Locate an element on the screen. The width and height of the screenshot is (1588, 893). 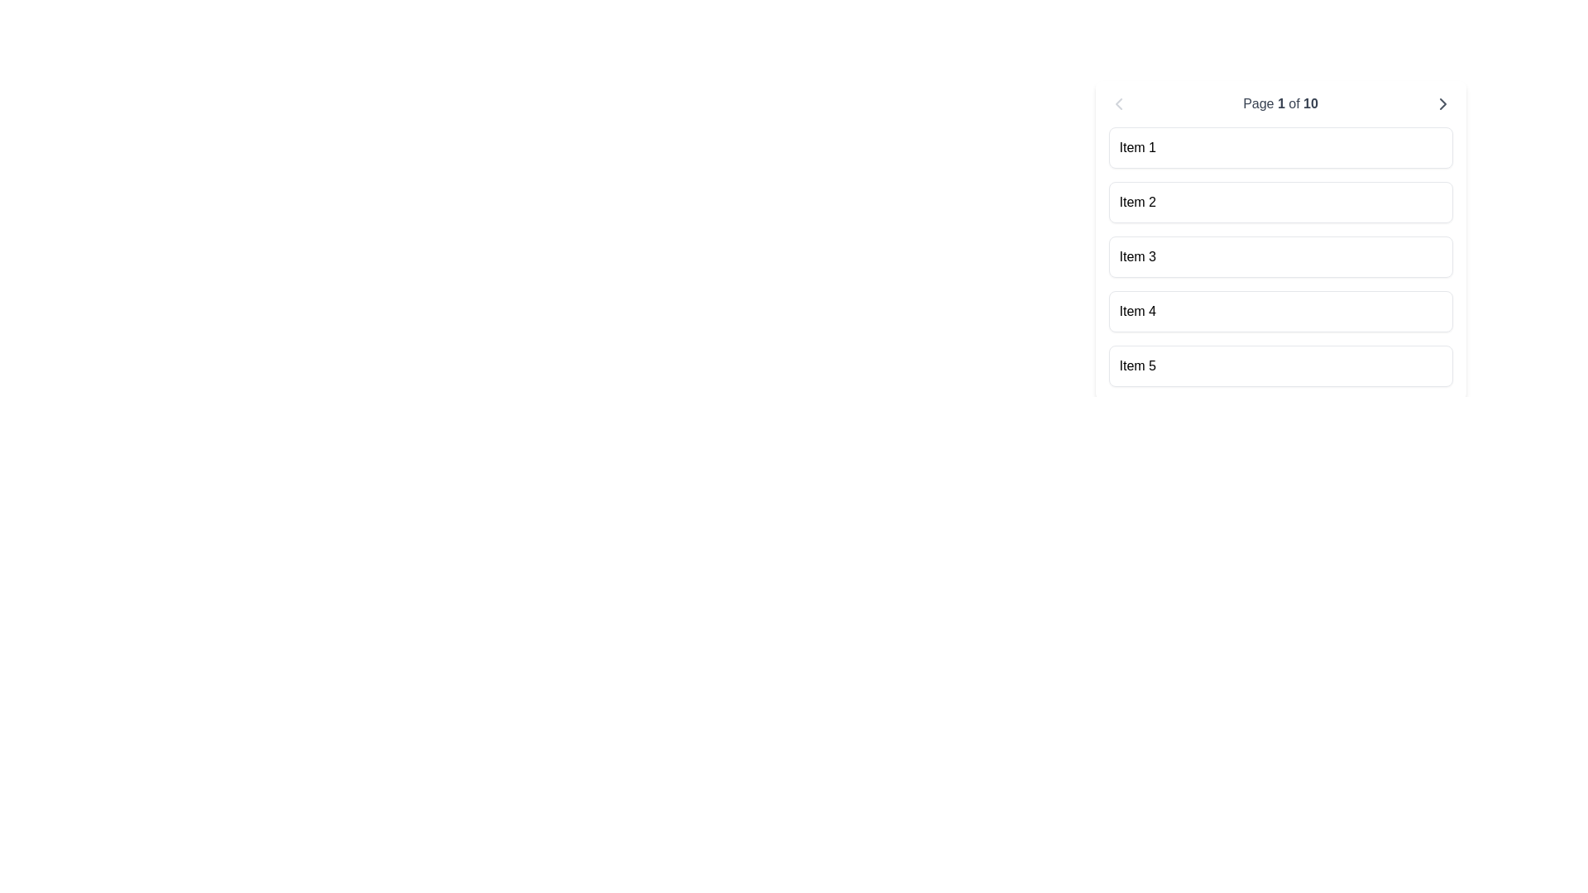
the right-pointing chevron icon button located in the top-right corner of the interface, adjacent to the 'Page 1 of 10' header is located at coordinates (1442, 104).